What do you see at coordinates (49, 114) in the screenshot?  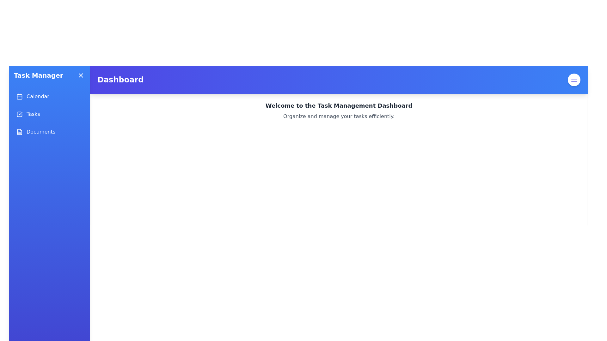 I see `the 'Tasks' button located in the sidebar, which is the second item in a vertical list, positioned below the 'Calendar' item and above the 'Documents' item, to trigger the hover effect` at bounding box center [49, 114].